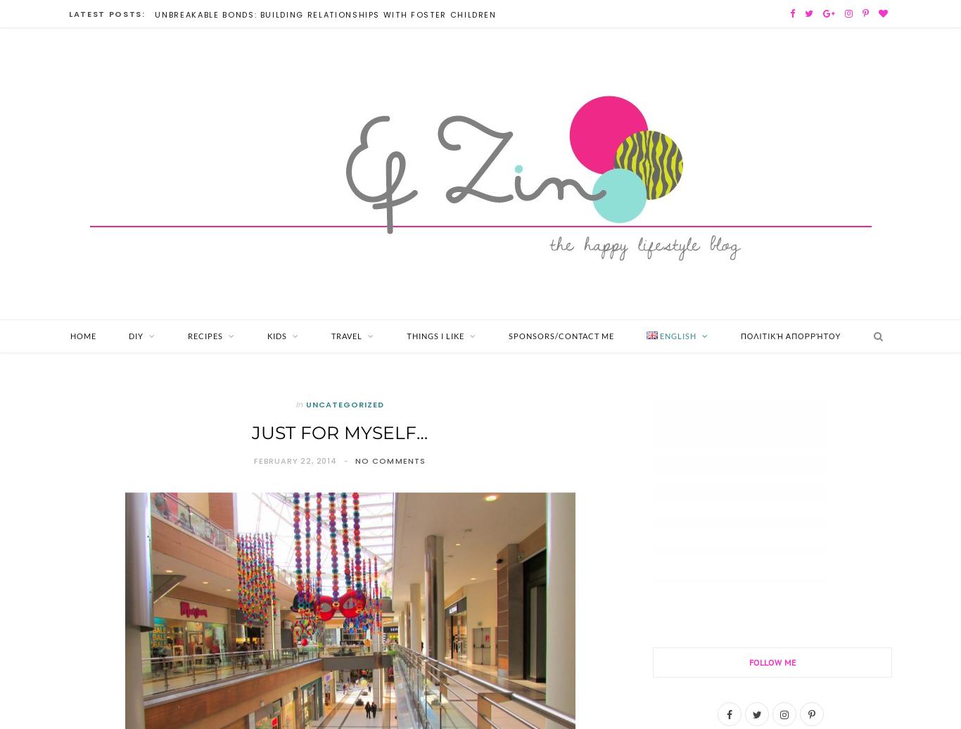  What do you see at coordinates (215, 367) in the screenshot?
I see `'Food'` at bounding box center [215, 367].